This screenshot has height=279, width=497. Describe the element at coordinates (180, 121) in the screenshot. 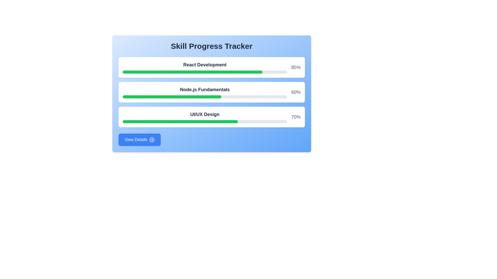

I see `the progress bar indicating 70% completion for the 'UI/UX Design' skill, which is the third progress bar in the UI` at that location.